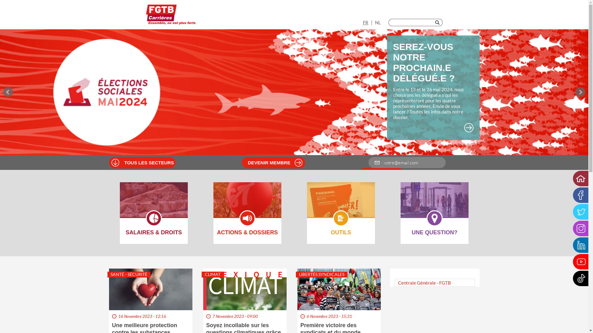 This screenshot has width=593, height=333. What do you see at coordinates (276, 162) in the screenshot?
I see `'DEVENIR MEMBRE'` at bounding box center [276, 162].